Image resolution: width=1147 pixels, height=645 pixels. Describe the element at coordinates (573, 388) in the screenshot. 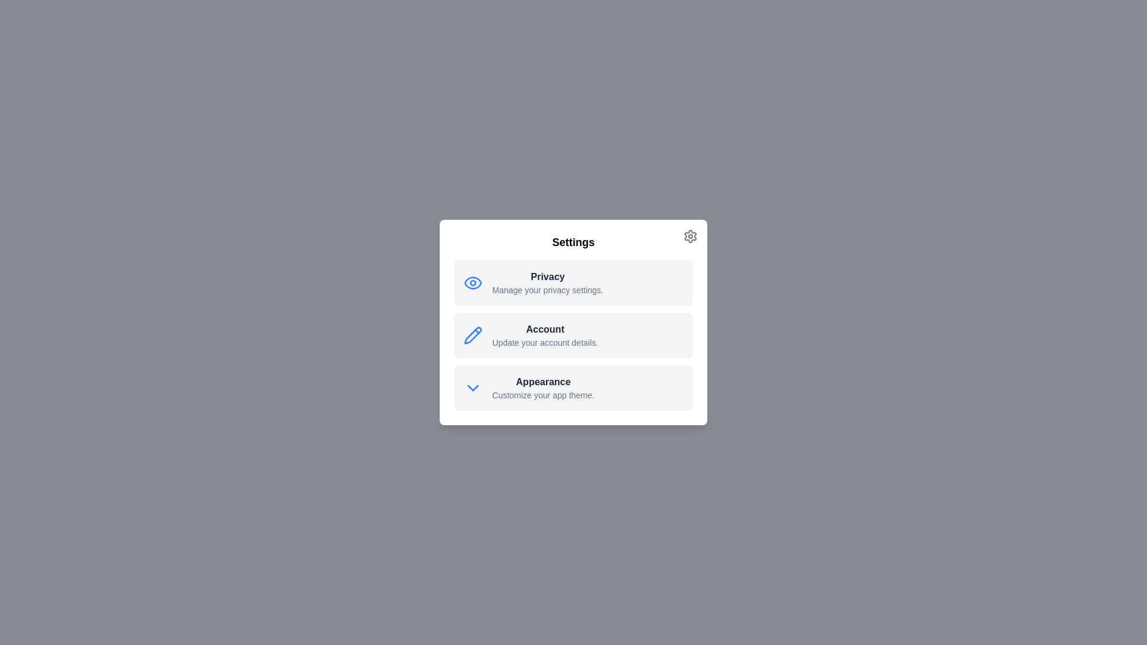

I see `the Appearance option to observe additional effects` at that location.